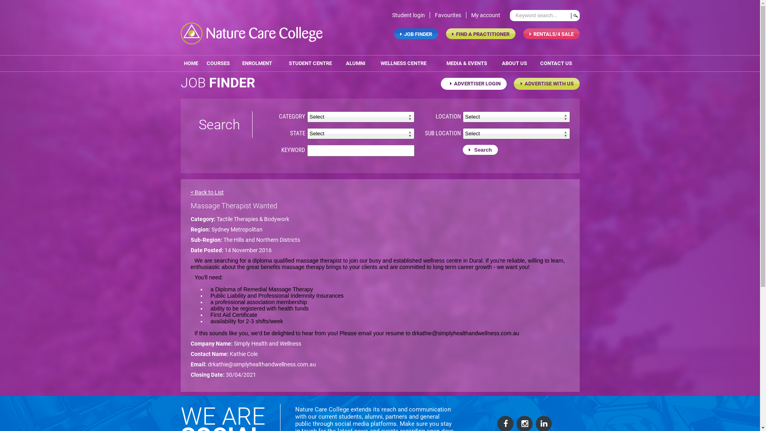 This screenshot has width=766, height=431. I want to click on 'Search', so click(480, 150).